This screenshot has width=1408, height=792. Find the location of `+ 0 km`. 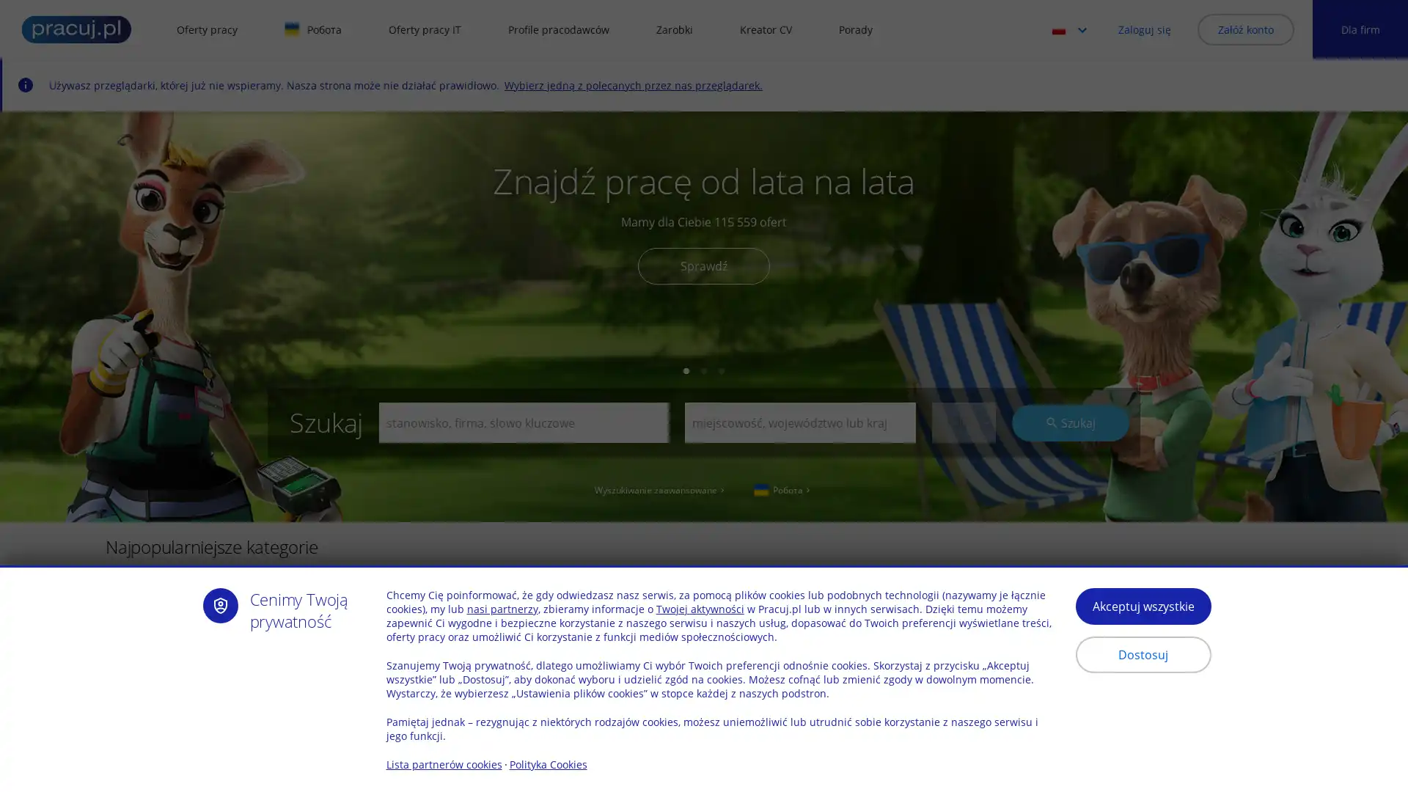

+ 0 km is located at coordinates (963, 452).